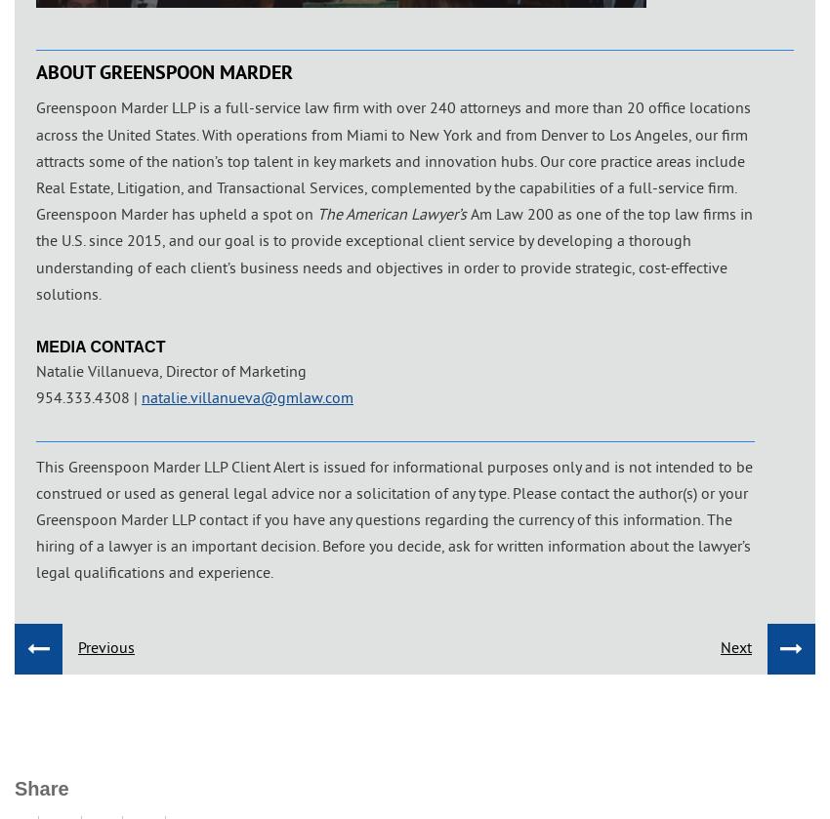 The width and height of the screenshot is (830, 819). Describe the element at coordinates (720, 644) in the screenshot. I see `'Next'` at that location.